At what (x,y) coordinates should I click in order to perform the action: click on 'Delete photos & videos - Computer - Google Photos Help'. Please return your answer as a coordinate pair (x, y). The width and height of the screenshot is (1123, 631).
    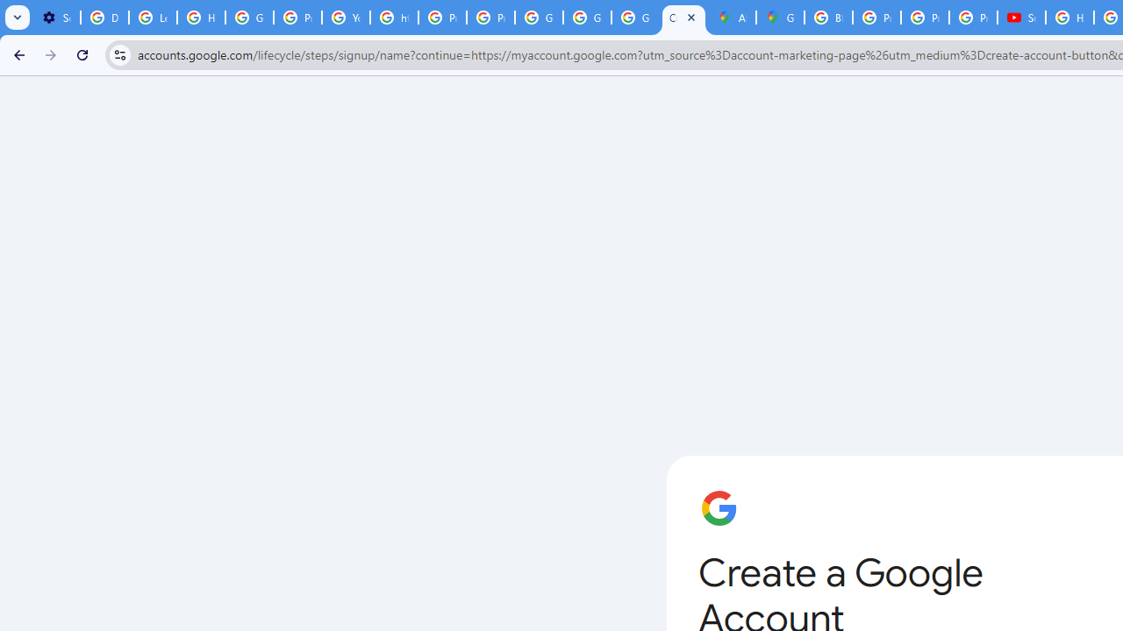
    Looking at the image, I should click on (104, 18).